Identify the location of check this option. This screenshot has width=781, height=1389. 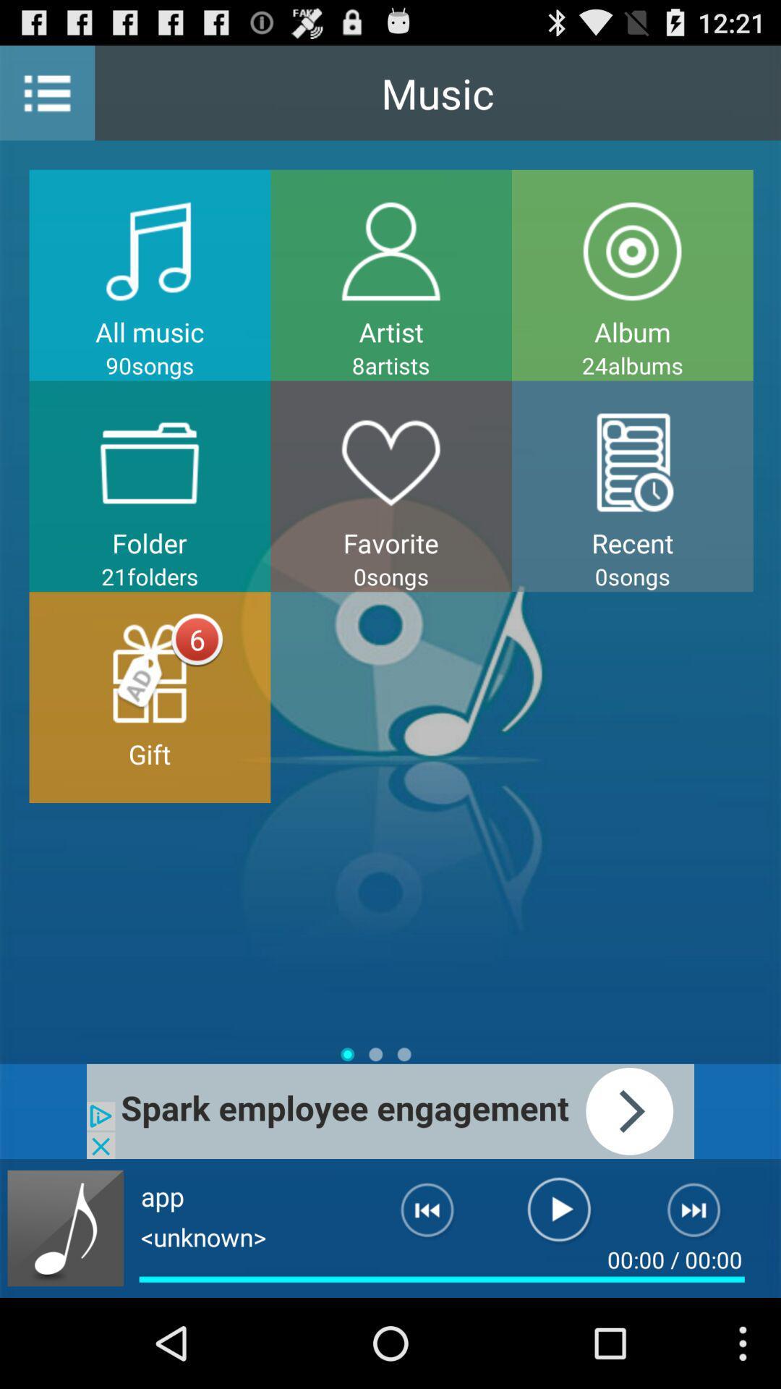
(390, 1110).